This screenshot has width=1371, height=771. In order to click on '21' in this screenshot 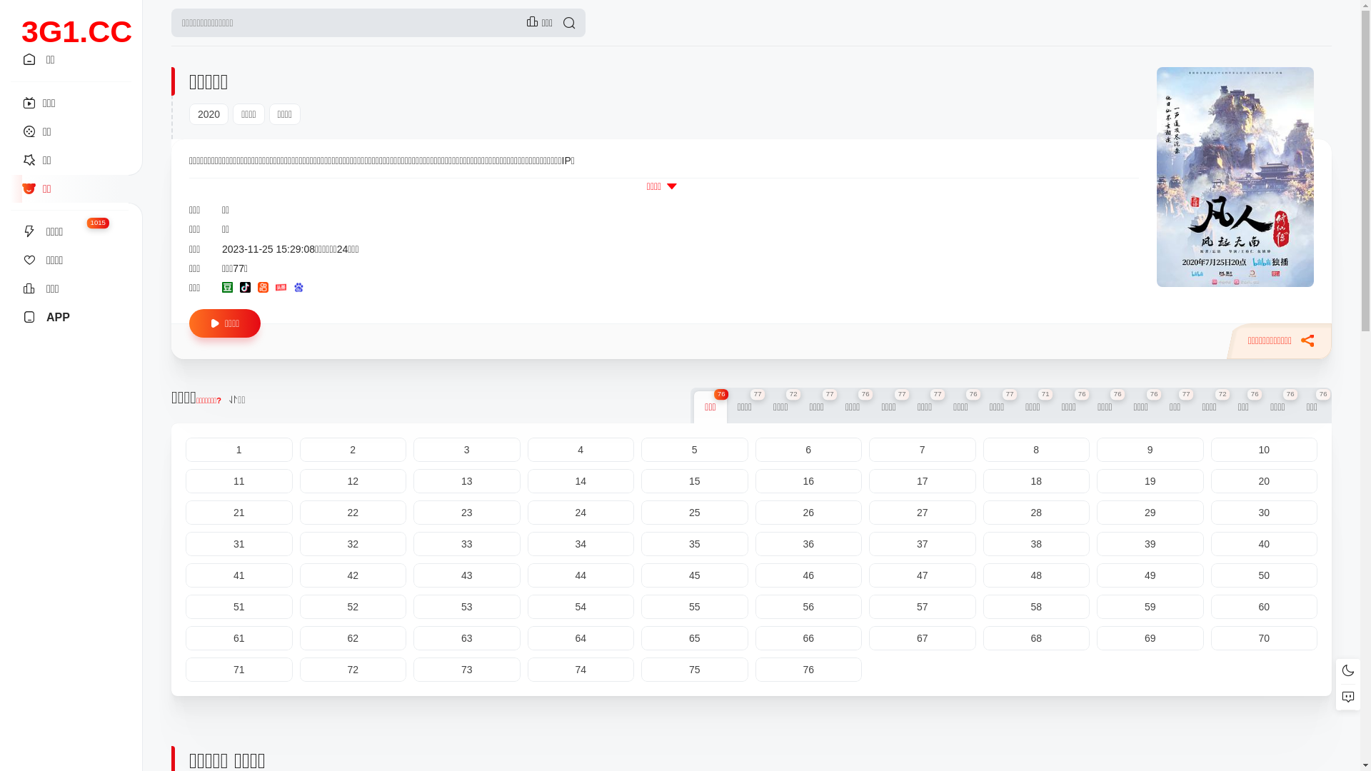, I will do `click(239, 511)`.